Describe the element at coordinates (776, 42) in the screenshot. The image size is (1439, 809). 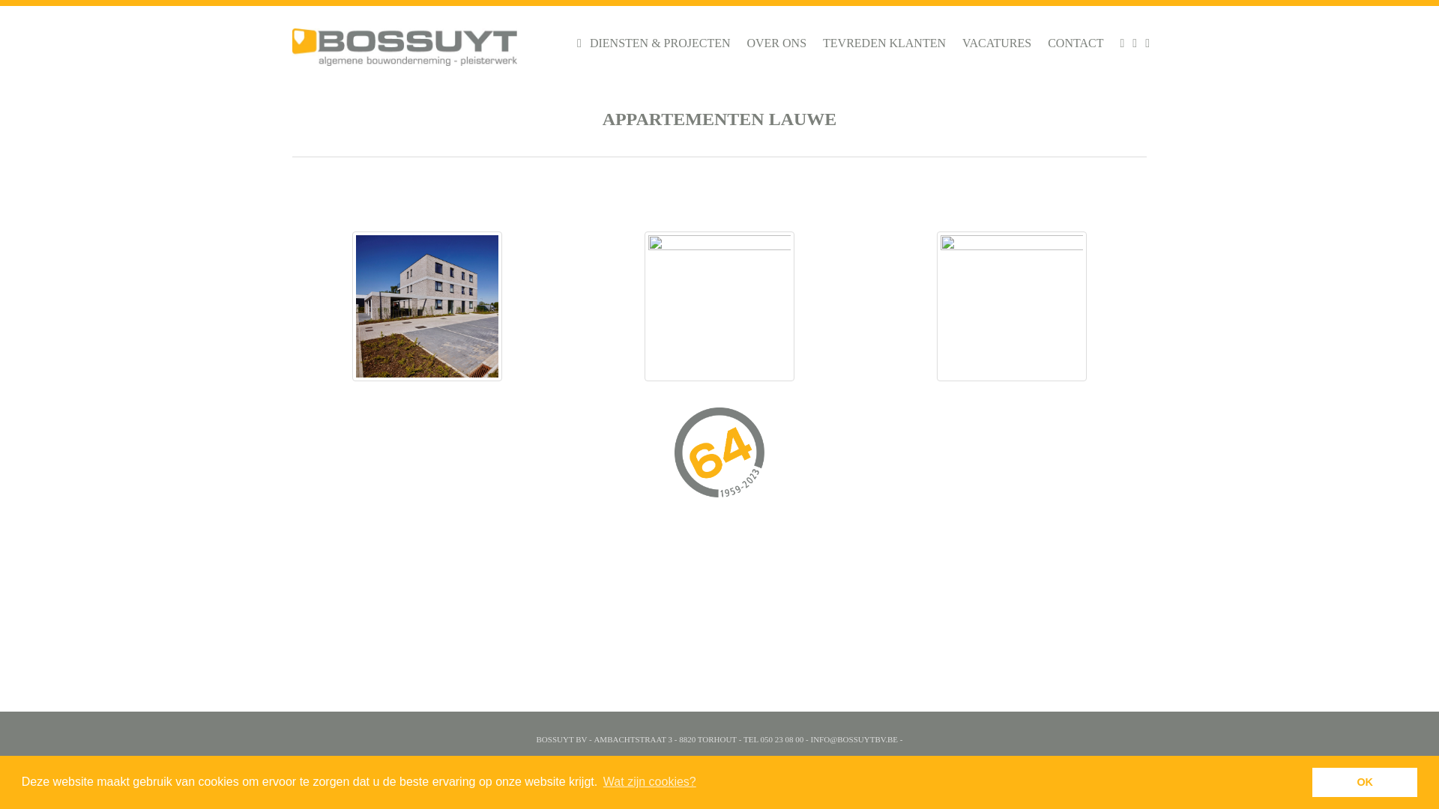
I see `'OVER ONS'` at that location.